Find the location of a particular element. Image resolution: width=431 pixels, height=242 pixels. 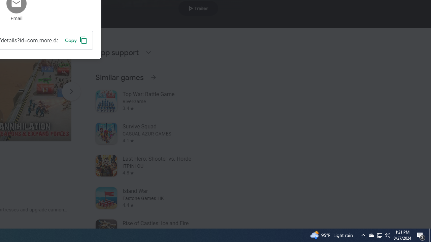

'Copy link to clipboard' is located at coordinates (76, 40).